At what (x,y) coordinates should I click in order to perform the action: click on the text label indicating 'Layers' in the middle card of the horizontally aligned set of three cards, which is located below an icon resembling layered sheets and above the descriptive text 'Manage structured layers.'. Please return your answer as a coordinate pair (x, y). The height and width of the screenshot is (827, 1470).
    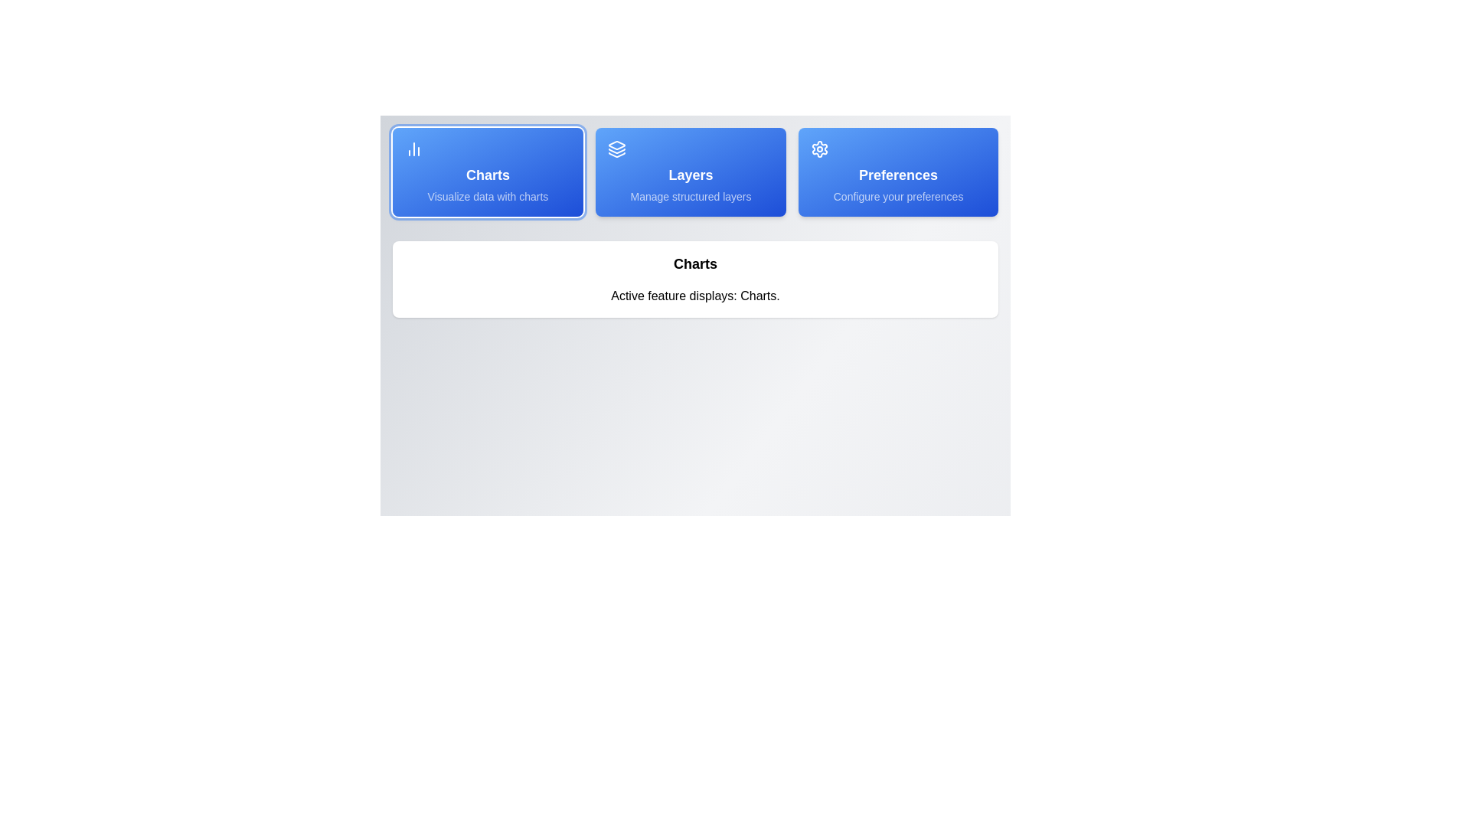
    Looking at the image, I should click on (690, 174).